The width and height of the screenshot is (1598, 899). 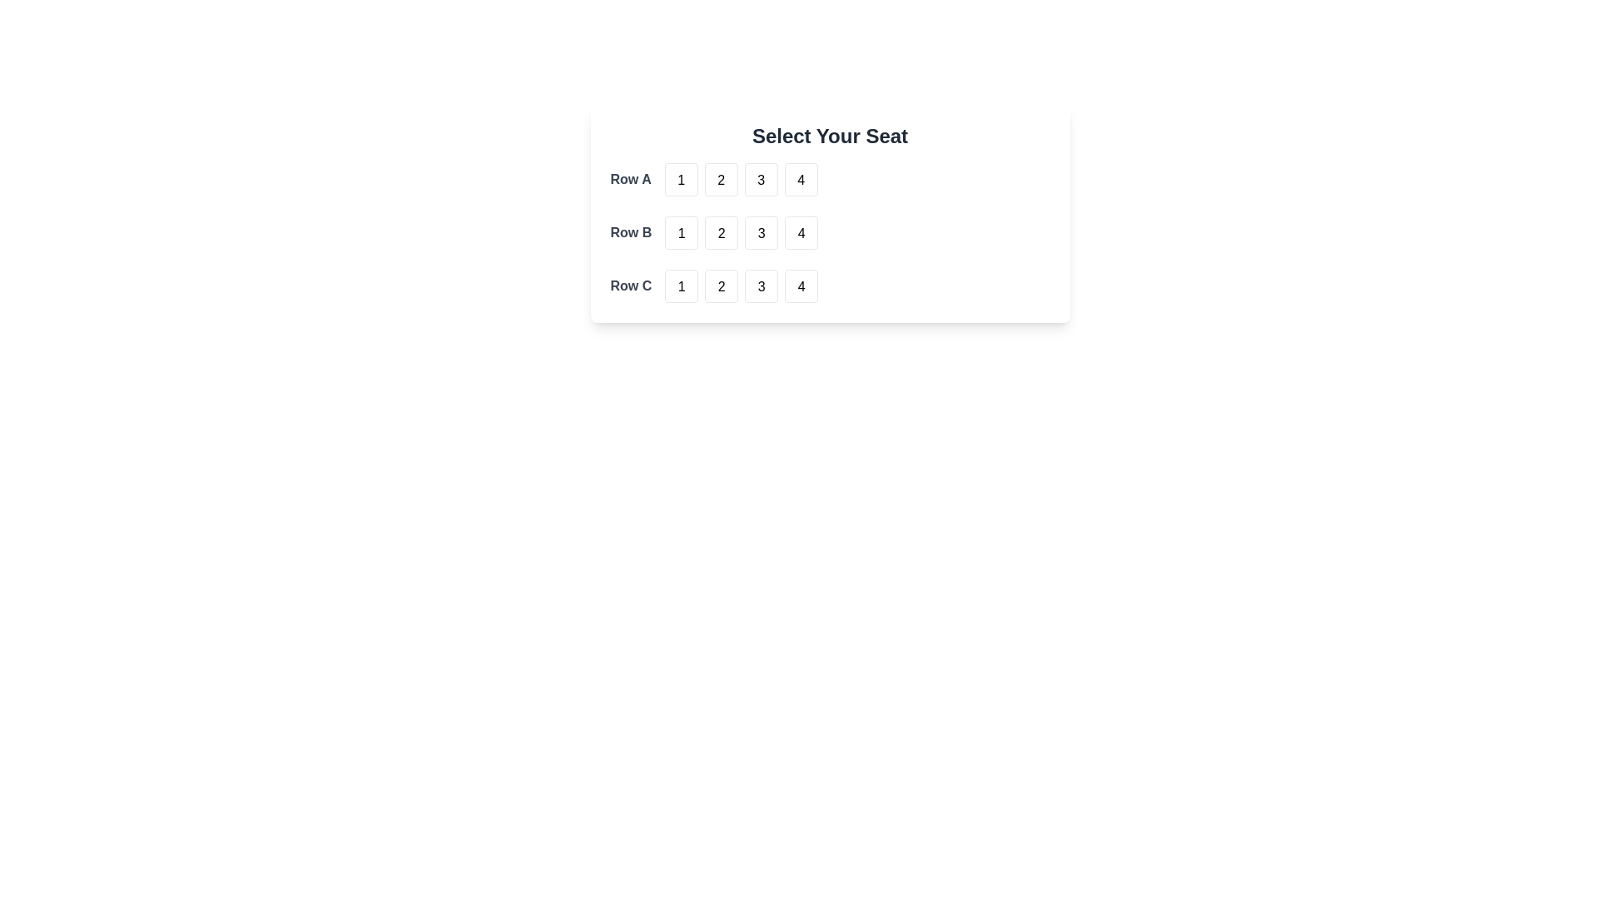 What do you see at coordinates (681, 180) in the screenshot?
I see `the square button with a white background and black text '1' located in the first position of Row A` at bounding box center [681, 180].